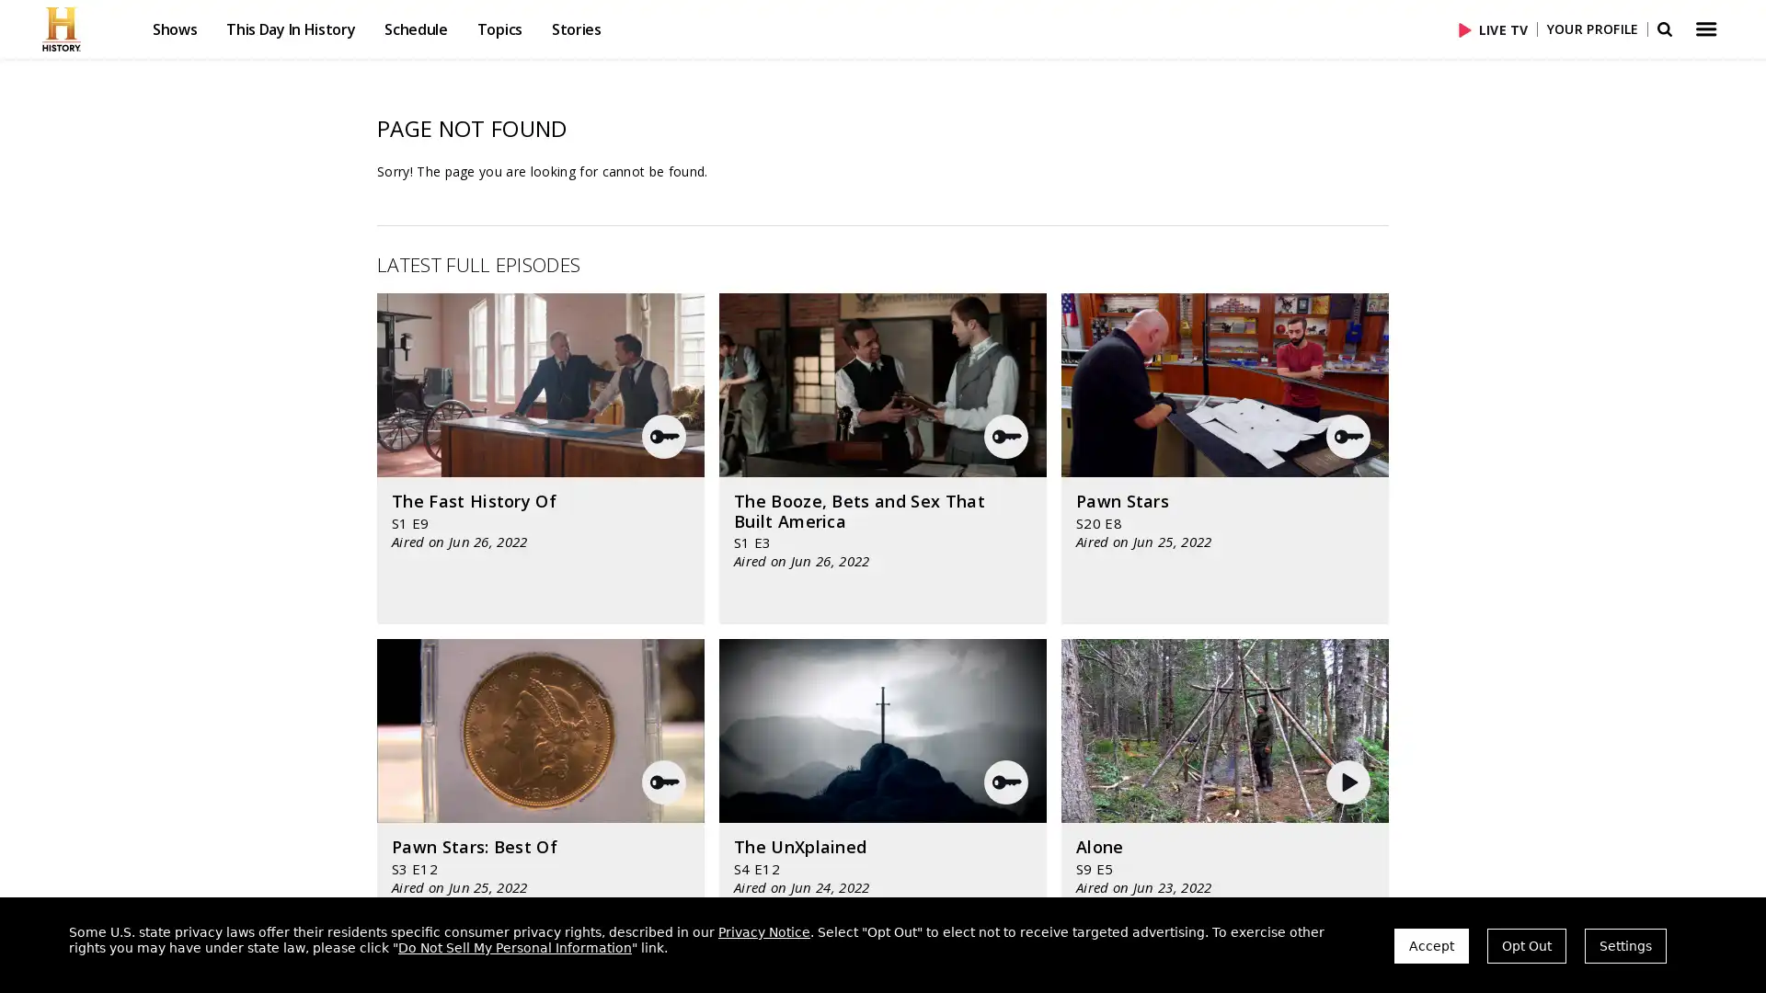 Image resolution: width=1766 pixels, height=993 pixels. I want to click on Schedule, so click(414, 29).